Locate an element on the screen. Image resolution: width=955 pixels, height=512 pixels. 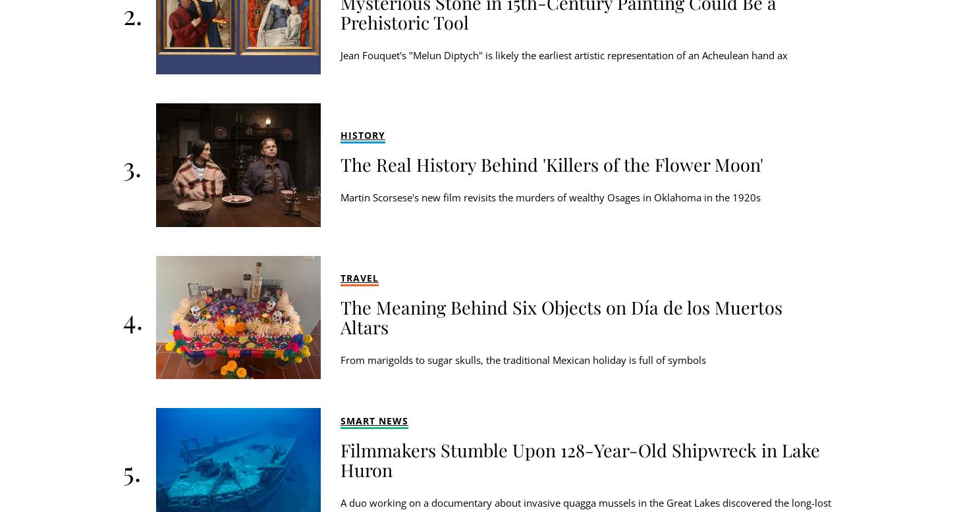
'Smart News' is located at coordinates (374, 420).